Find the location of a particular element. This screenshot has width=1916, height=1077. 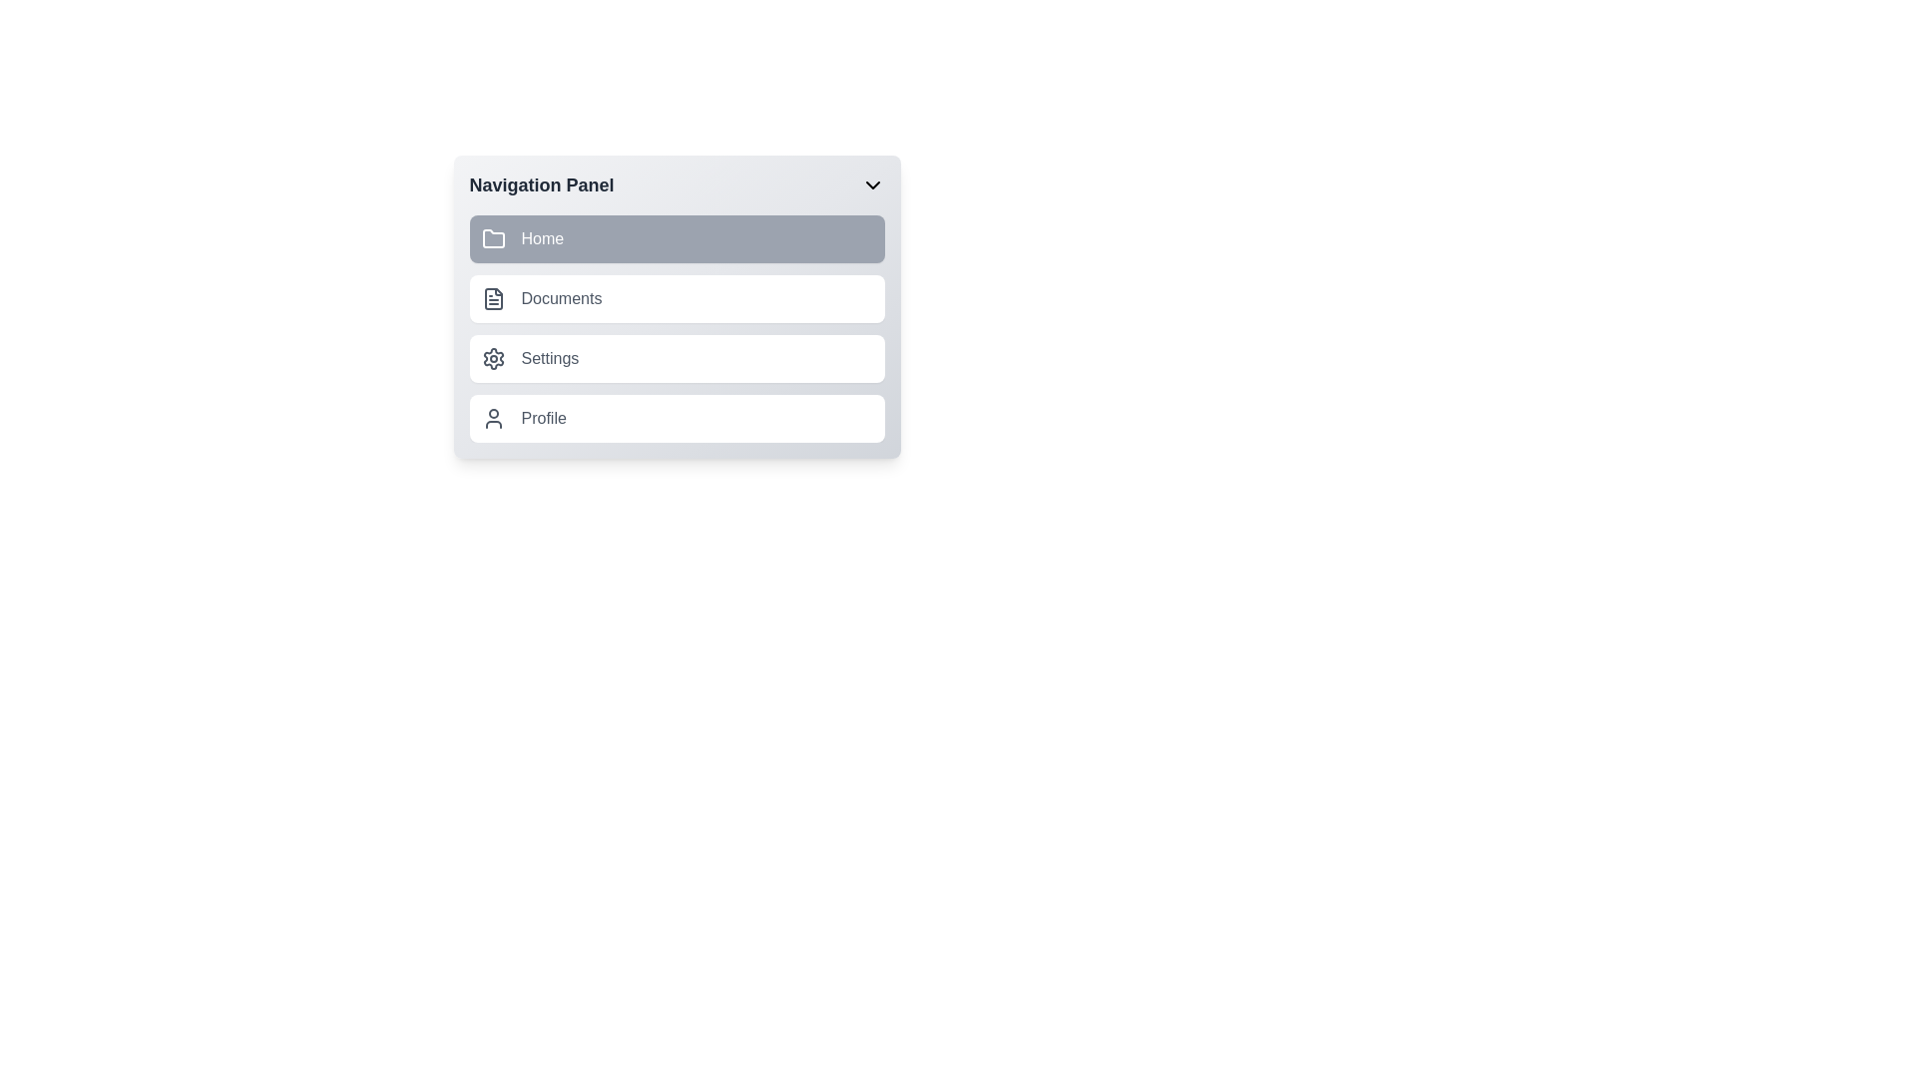

text label 'Settings' that is centrally positioned in a navigation menu, located below 'Documents' and above 'Profile' is located at coordinates (550, 357).